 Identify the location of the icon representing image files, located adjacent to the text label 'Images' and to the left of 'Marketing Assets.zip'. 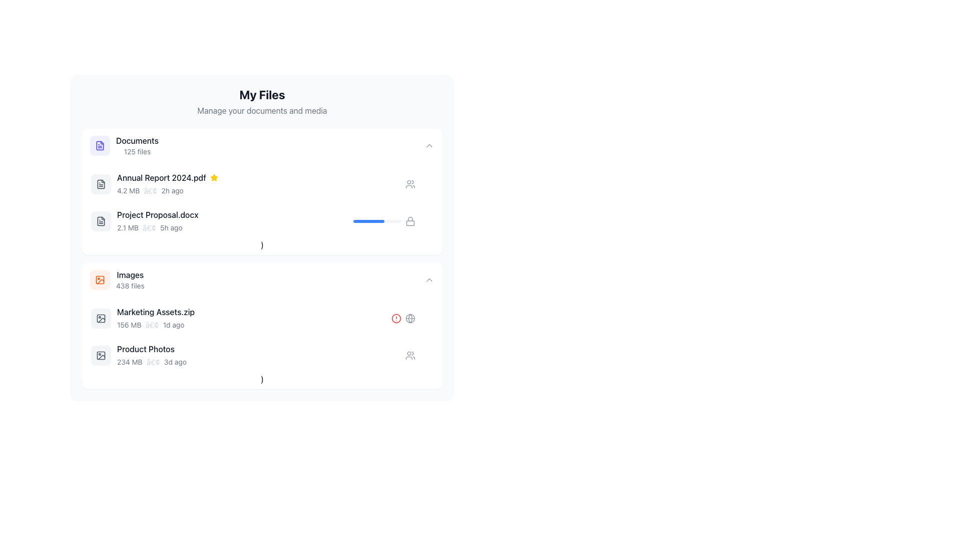
(101, 319).